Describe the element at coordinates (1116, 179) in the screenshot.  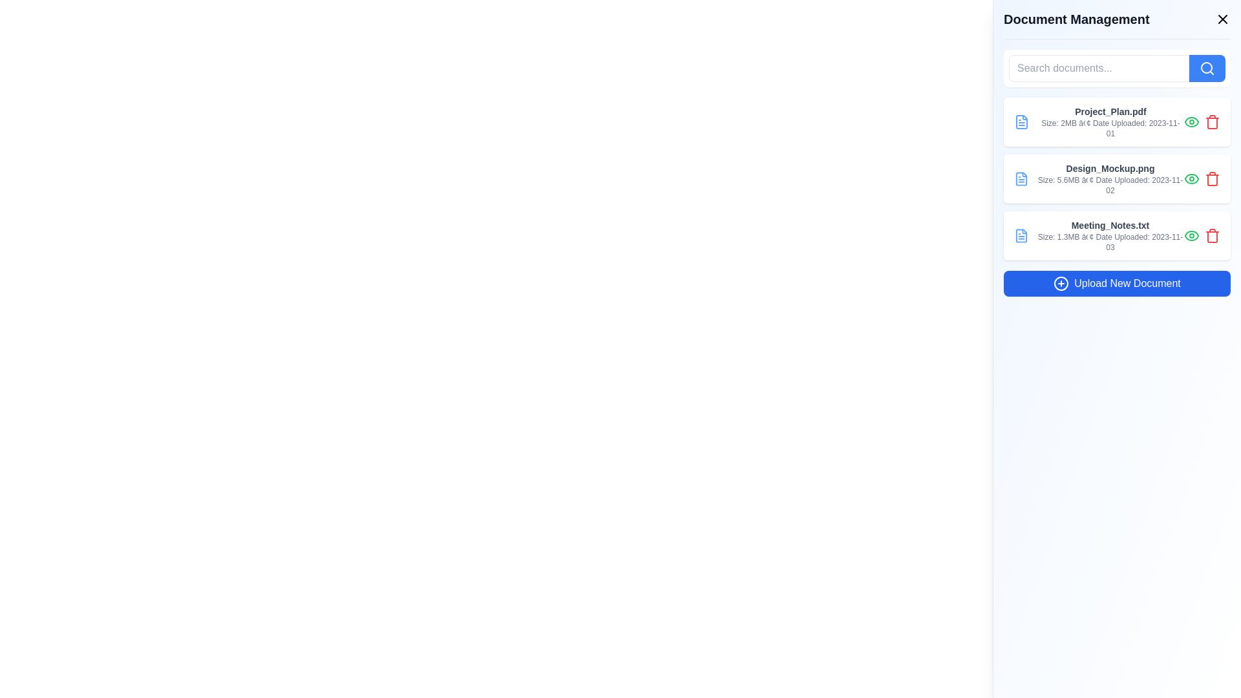
I see `the list item representing the file entry for 'Design_Mockup.png', which is the second item in the vertical list under the 'Document Management' section` at that location.